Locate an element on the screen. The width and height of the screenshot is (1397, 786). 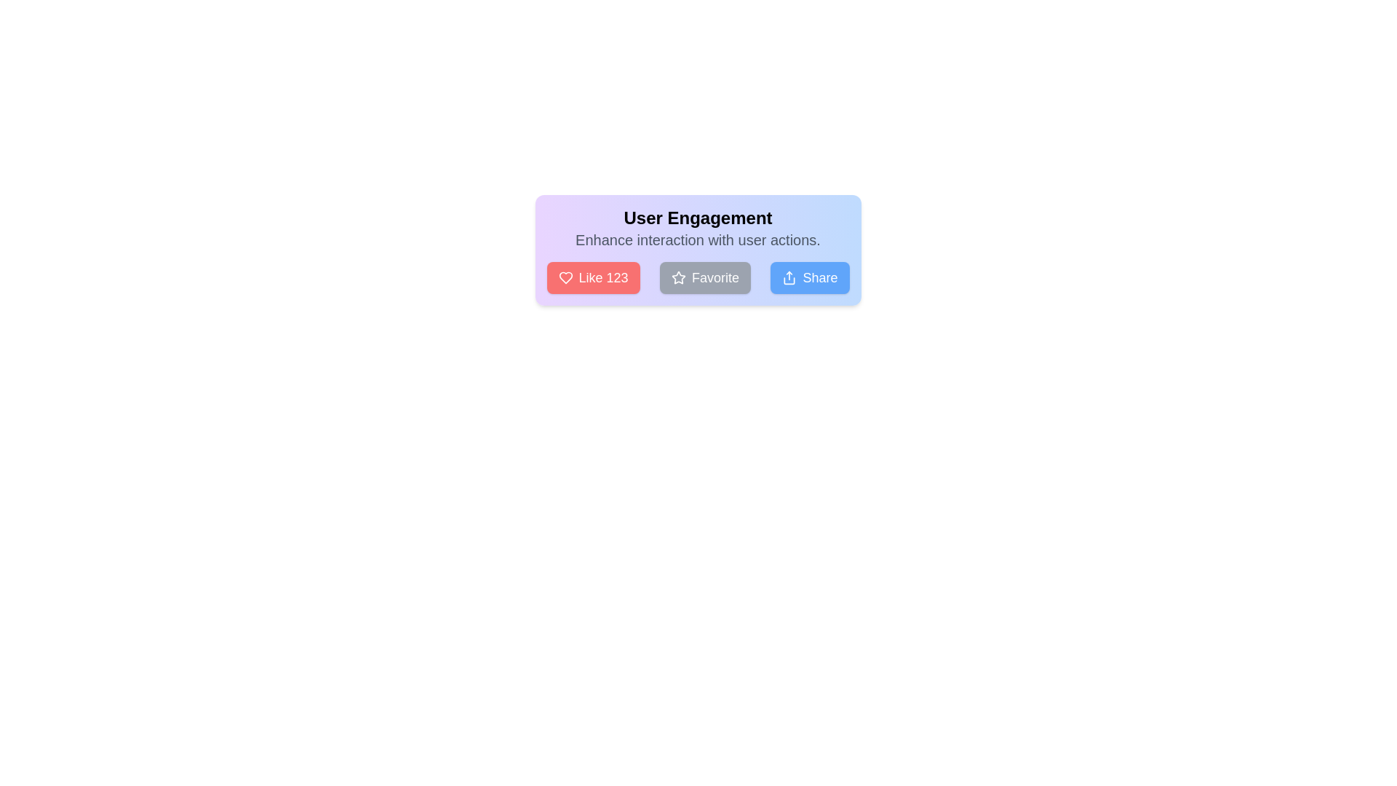
the heart-shaped icon outlined in white on the red 'Like 123' button, which is the first icon in the button group at the bottom of the panel is located at coordinates (565, 277).